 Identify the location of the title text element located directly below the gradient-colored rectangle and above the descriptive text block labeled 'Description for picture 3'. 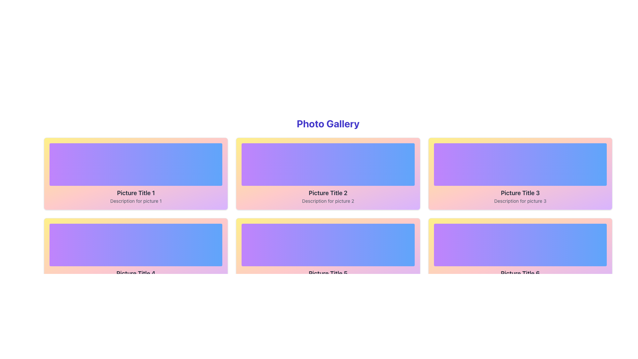
(520, 193).